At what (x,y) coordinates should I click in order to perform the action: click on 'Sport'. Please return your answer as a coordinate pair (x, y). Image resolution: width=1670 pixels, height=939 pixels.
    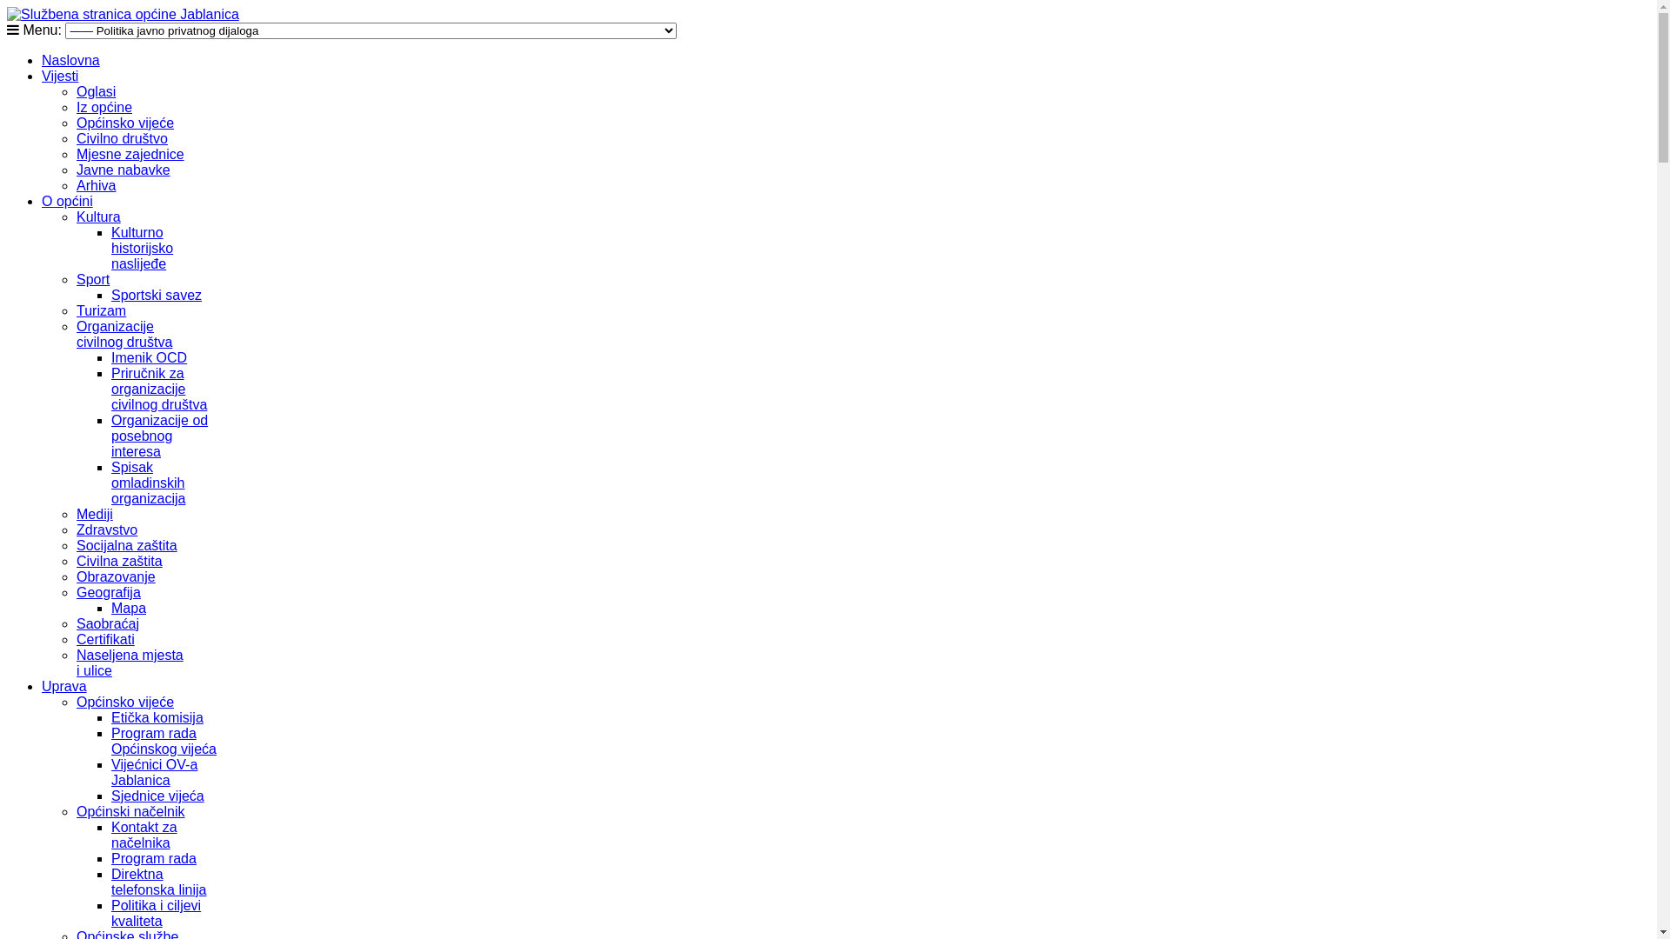
    Looking at the image, I should click on (91, 278).